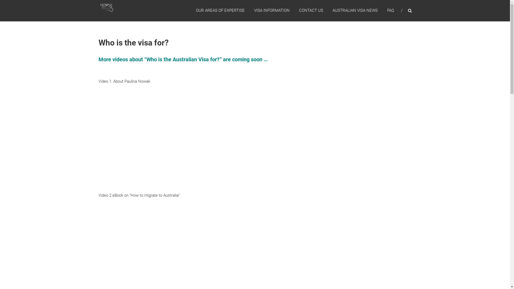  What do you see at coordinates (271, 10) in the screenshot?
I see `'VISA INFORMATION'` at bounding box center [271, 10].